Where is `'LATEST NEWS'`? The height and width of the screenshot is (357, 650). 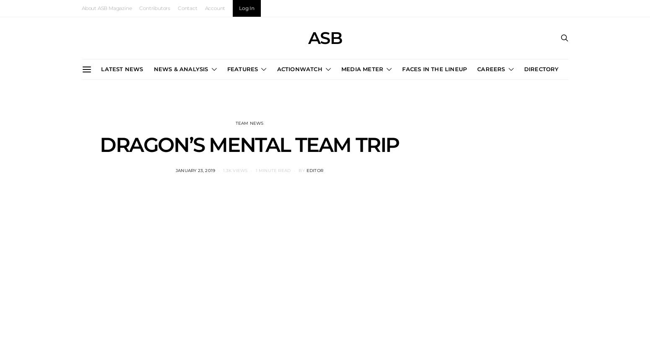
'LATEST NEWS' is located at coordinates (101, 68).